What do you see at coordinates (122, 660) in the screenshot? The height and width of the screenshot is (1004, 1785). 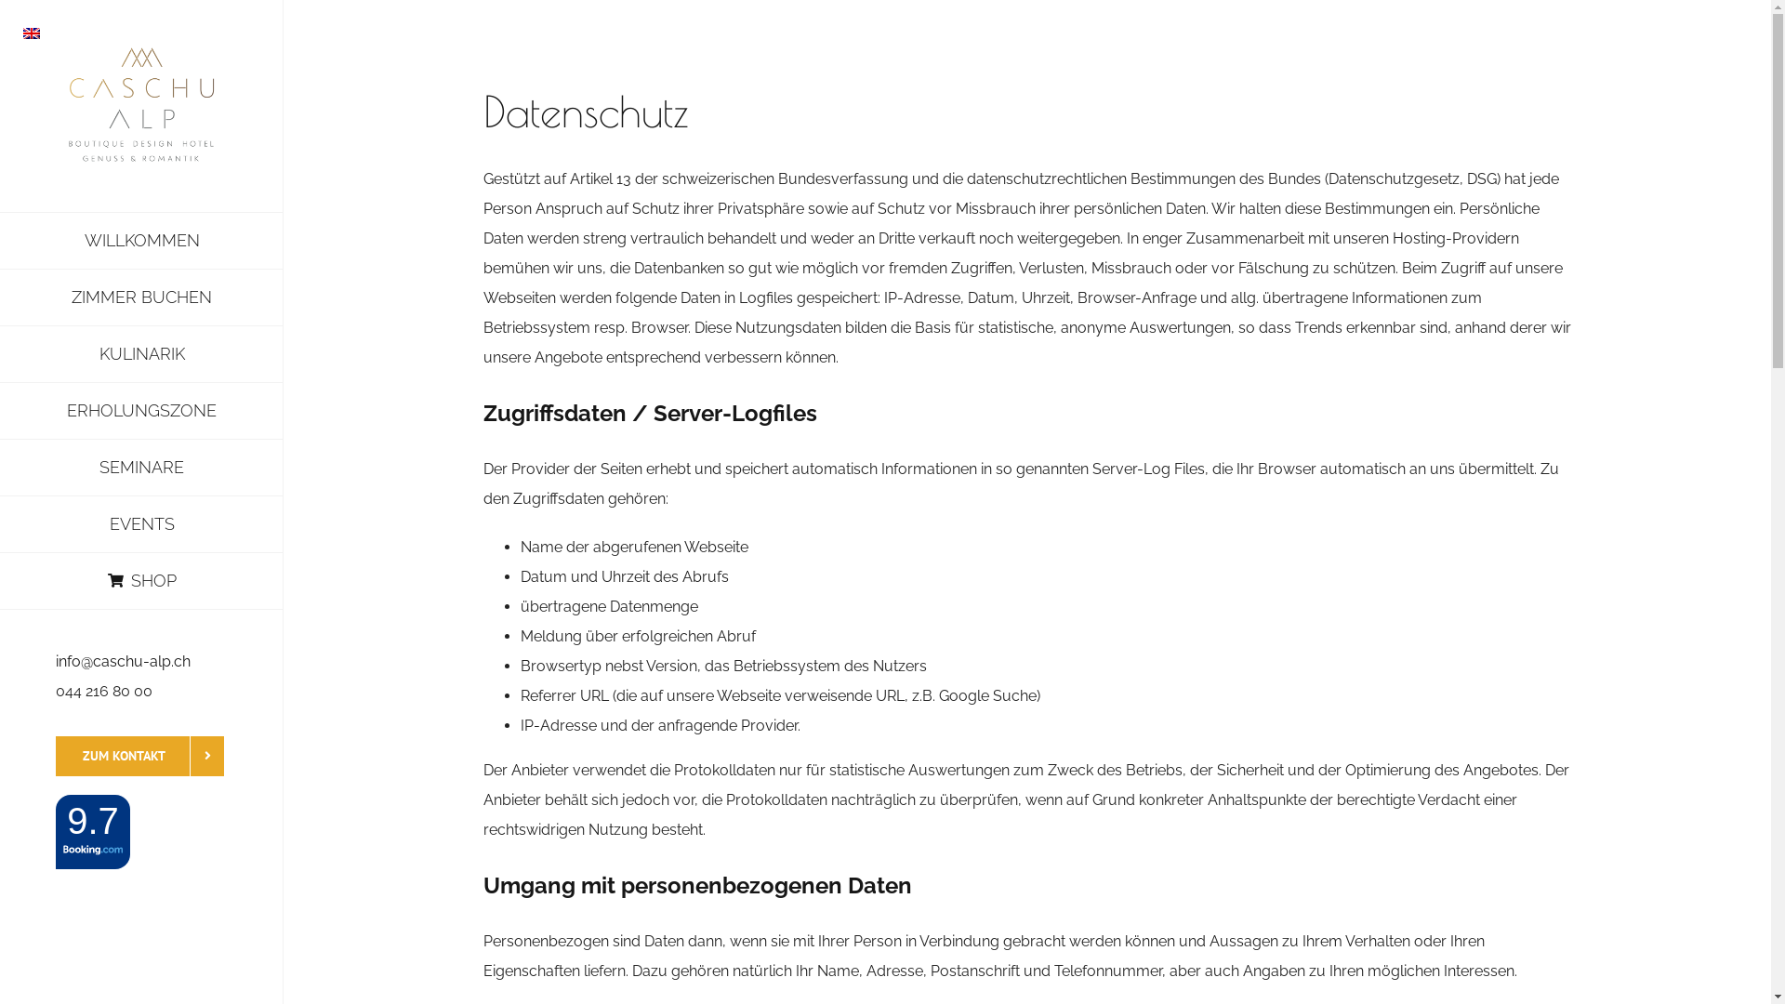 I see `'info@caschu-alp.ch'` at bounding box center [122, 660].